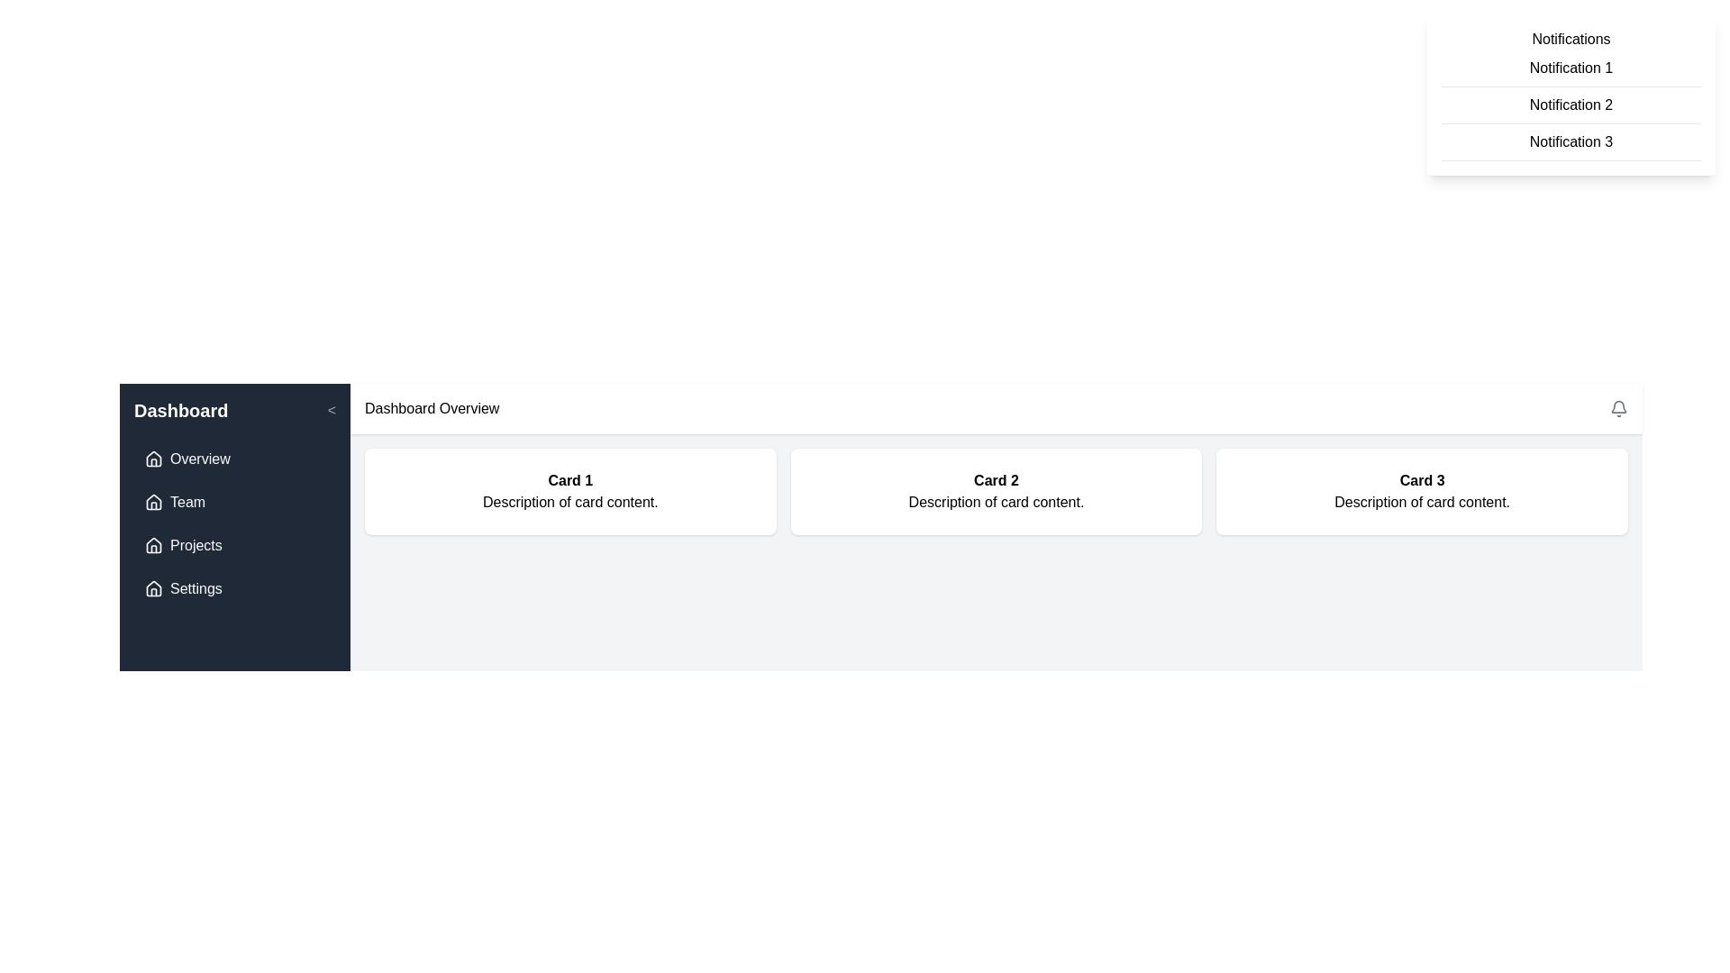  I want to click on the 'Team' button in the navigation menu, so click(233, 503).